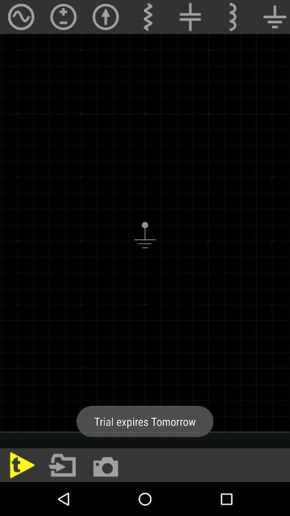  What do you see at coordinates (232, 17) in the screenshot?
I see `the more icon` at bounding box center [232, 17].